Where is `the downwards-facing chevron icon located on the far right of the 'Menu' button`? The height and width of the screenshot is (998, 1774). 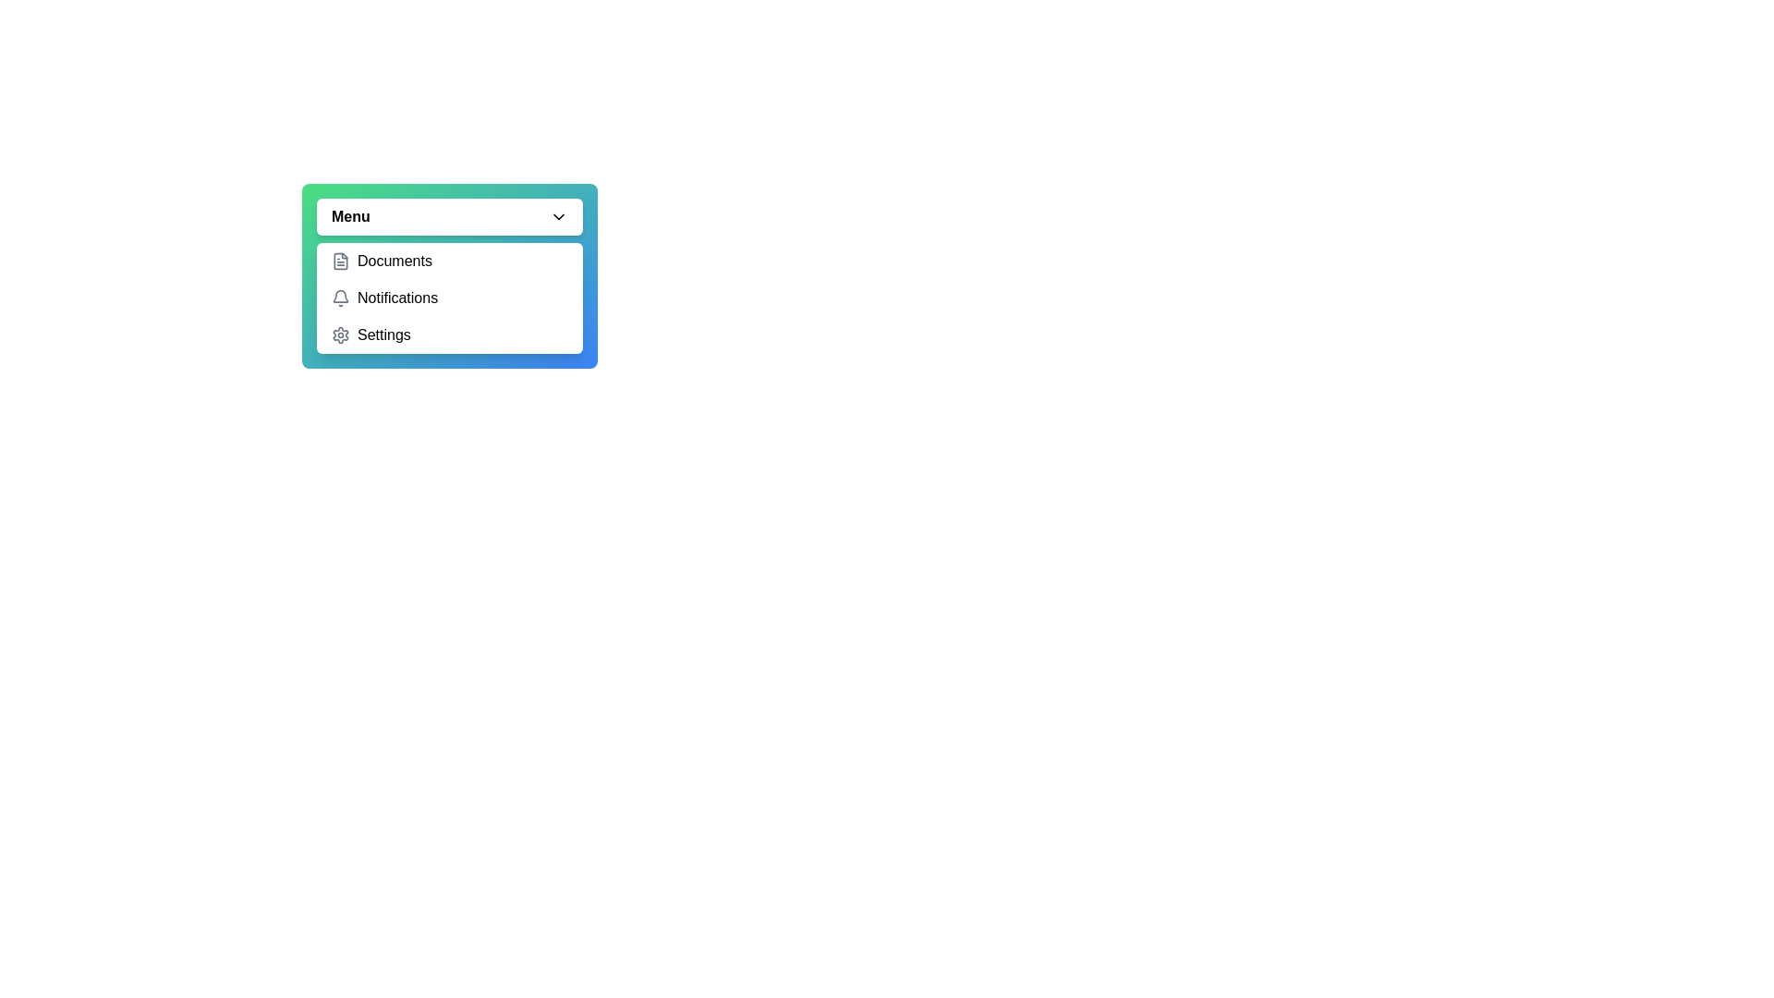 the downwards-facing chevron icon located on the far right of the 'Menu' button is located at coordinates (557, 216).